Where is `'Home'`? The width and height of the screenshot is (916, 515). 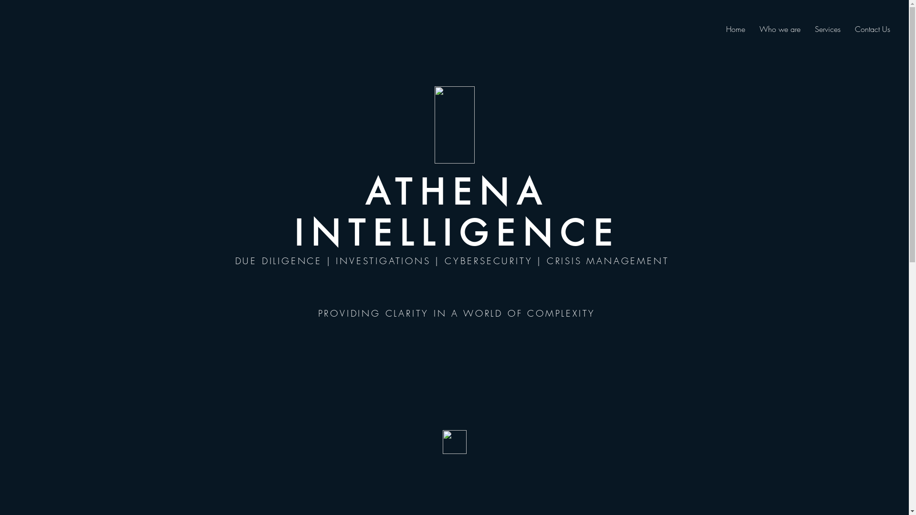
'Home' is located at coordinates (735, 29).